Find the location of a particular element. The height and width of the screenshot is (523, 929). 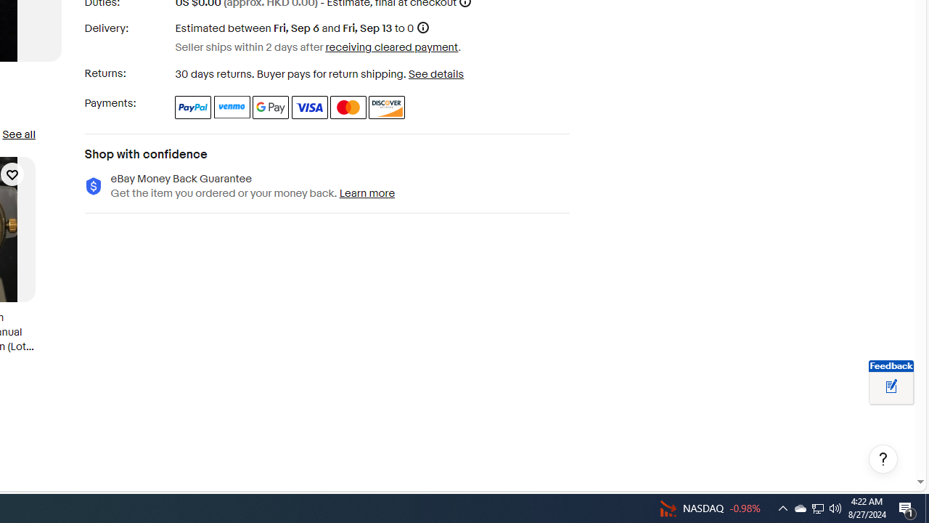

'Visa' is located at coordinates (308, 106).